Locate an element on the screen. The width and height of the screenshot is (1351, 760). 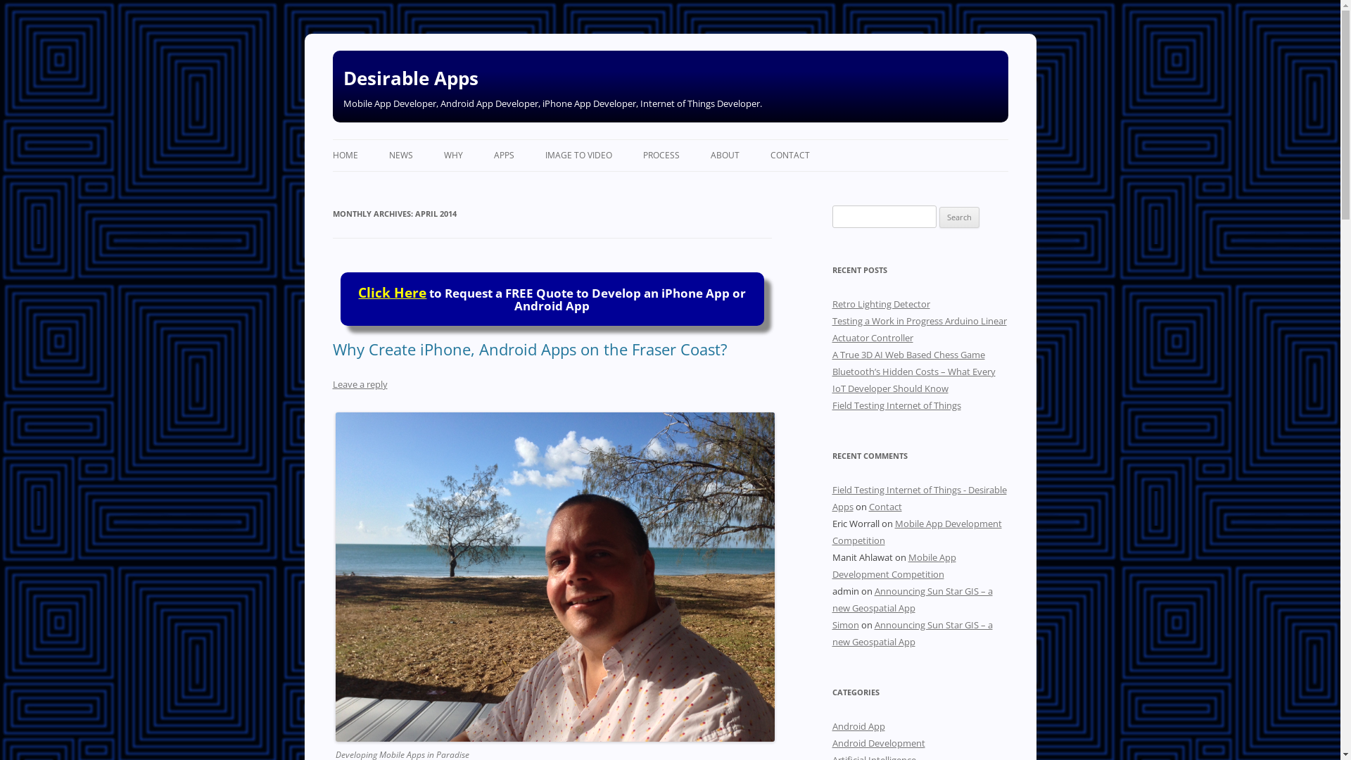
'APPS' is located at coordinates (504, 155).